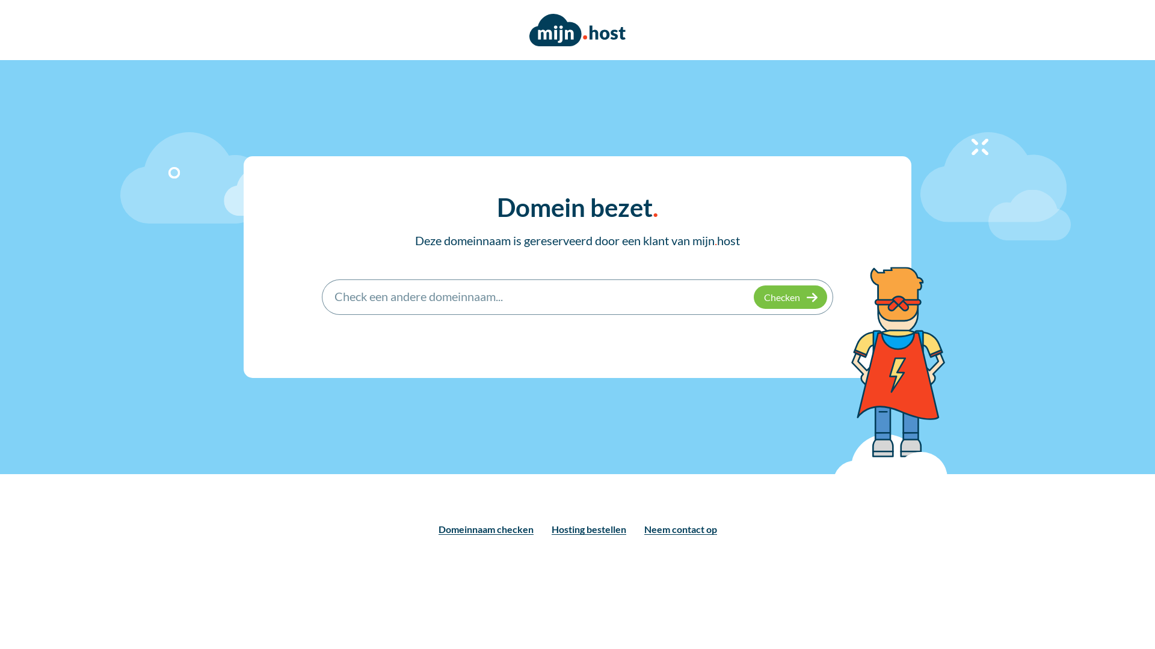 This screenshot has width=1155, height=649. I want to click on 'Neem contact op', so click(680, 528).